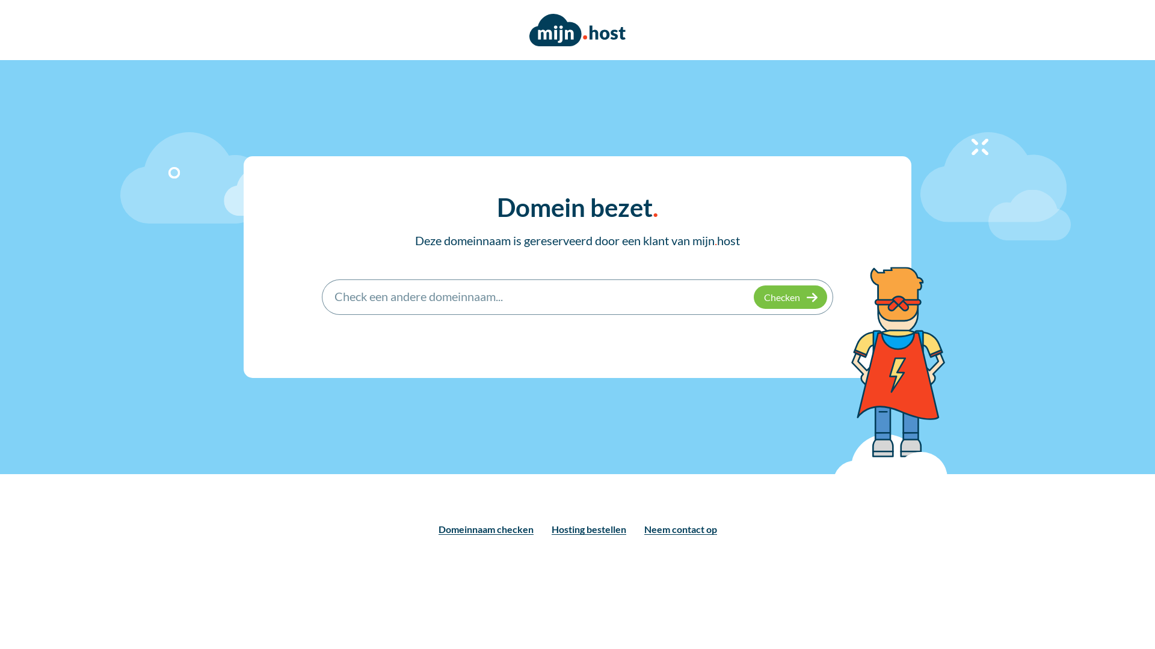 This screenshot has width=1155, height=649. I want to click on 'Neem contact op', so click(680, 528).